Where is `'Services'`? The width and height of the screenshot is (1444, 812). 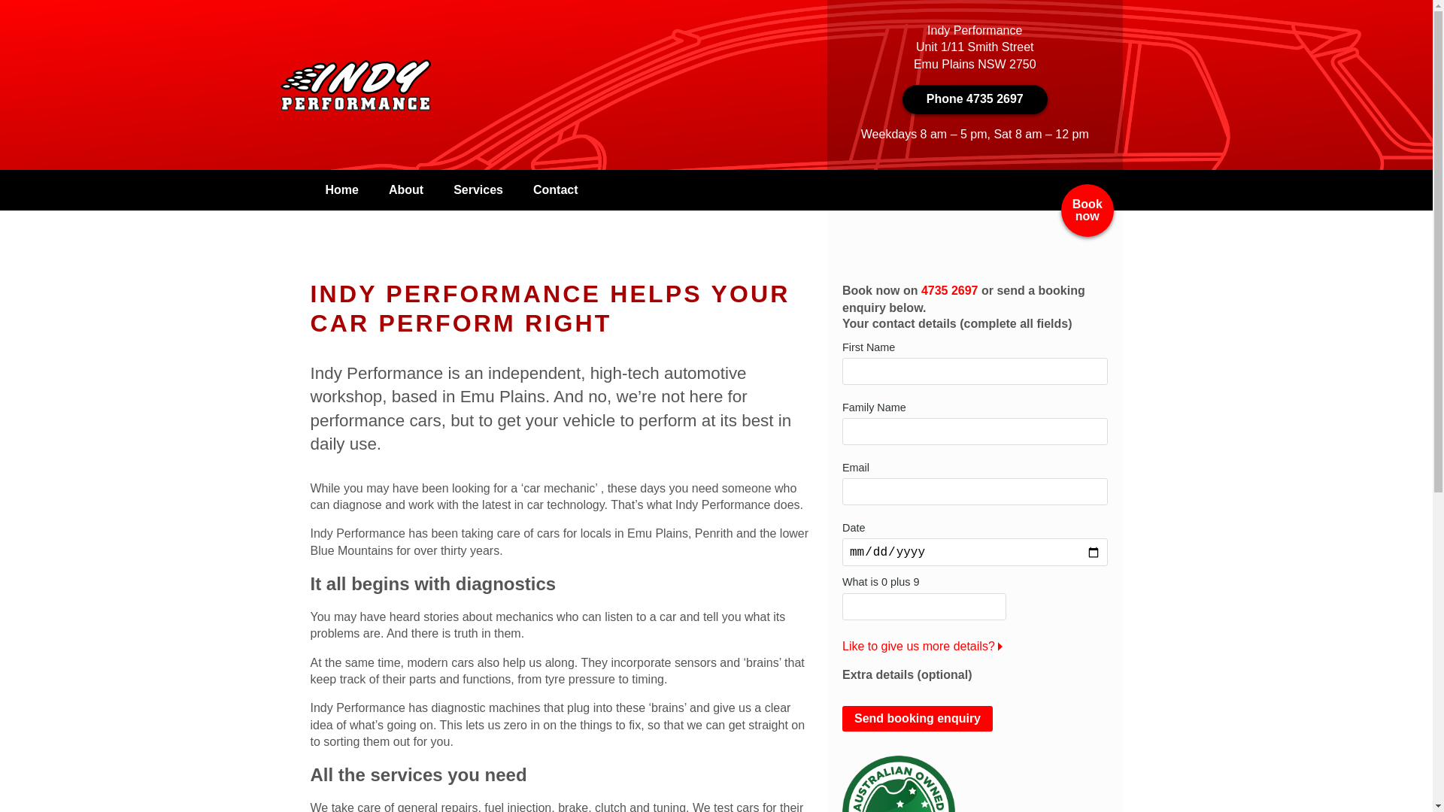
'Services' is located at coordinates (437, 189).